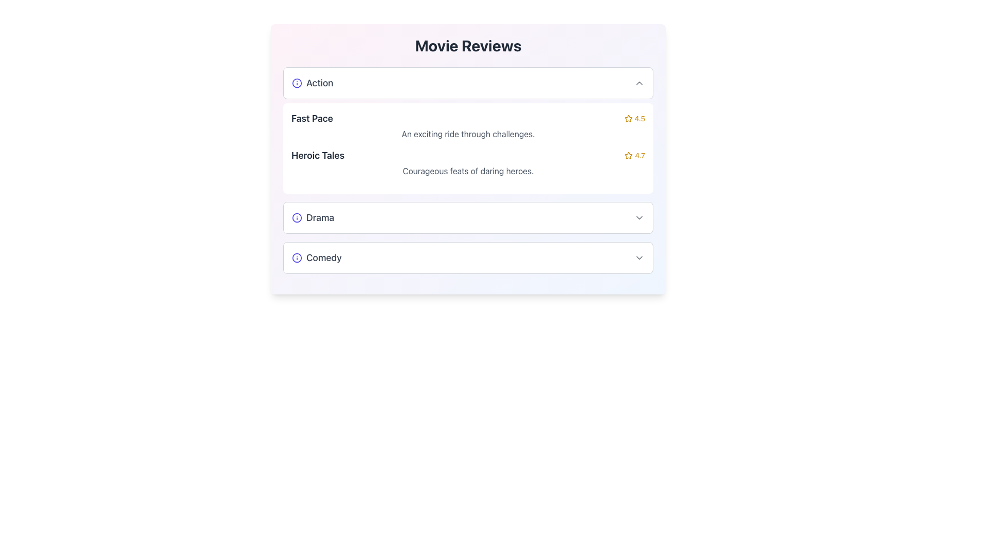 This screenshot has height=555, width=987. I want to click on the second list item in the 'Action' category, which displays textual and rating information, so click(468, 162).